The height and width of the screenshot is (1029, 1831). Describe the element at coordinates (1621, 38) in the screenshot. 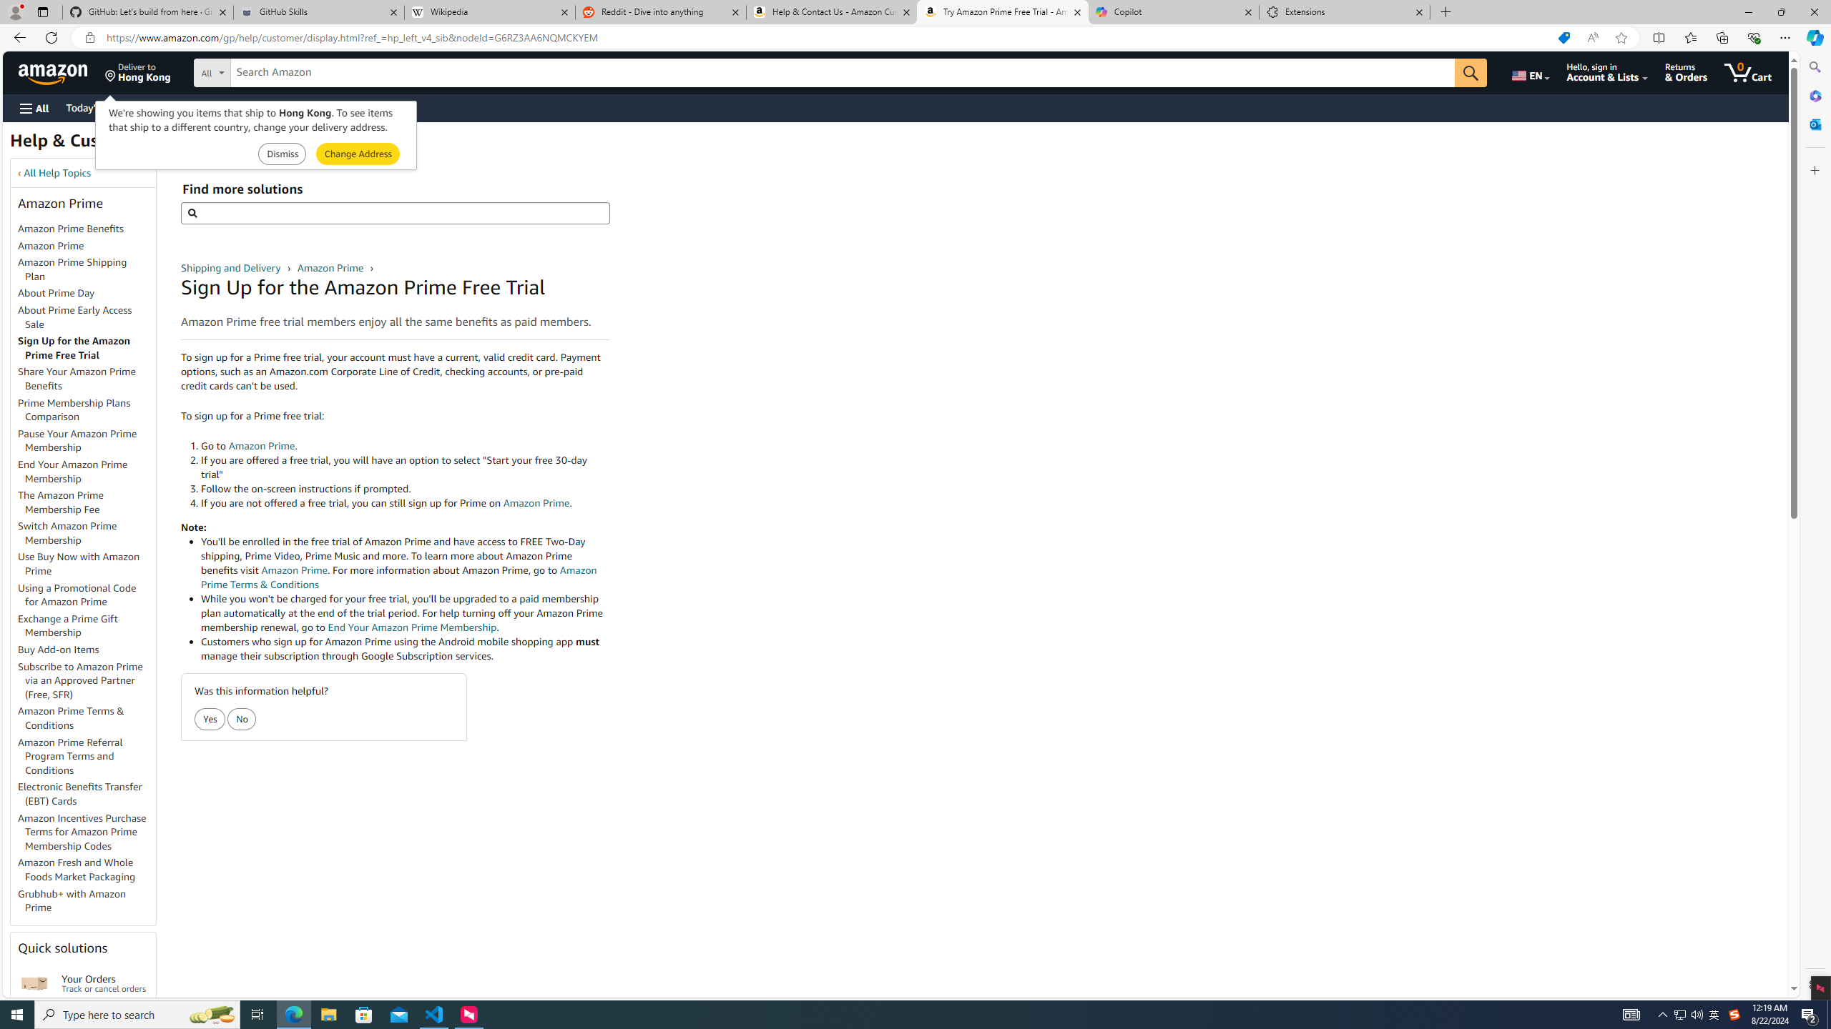

I see `'Add this page to favorites (Ctrl+D)'` at that location.